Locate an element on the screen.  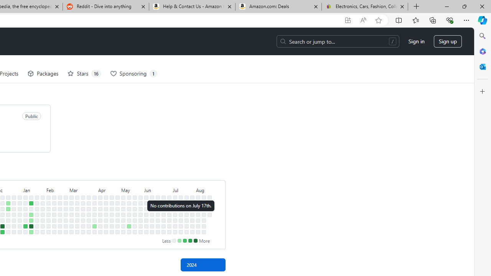
'No contributions on July 13th.' is located at coordinates (175, 232).